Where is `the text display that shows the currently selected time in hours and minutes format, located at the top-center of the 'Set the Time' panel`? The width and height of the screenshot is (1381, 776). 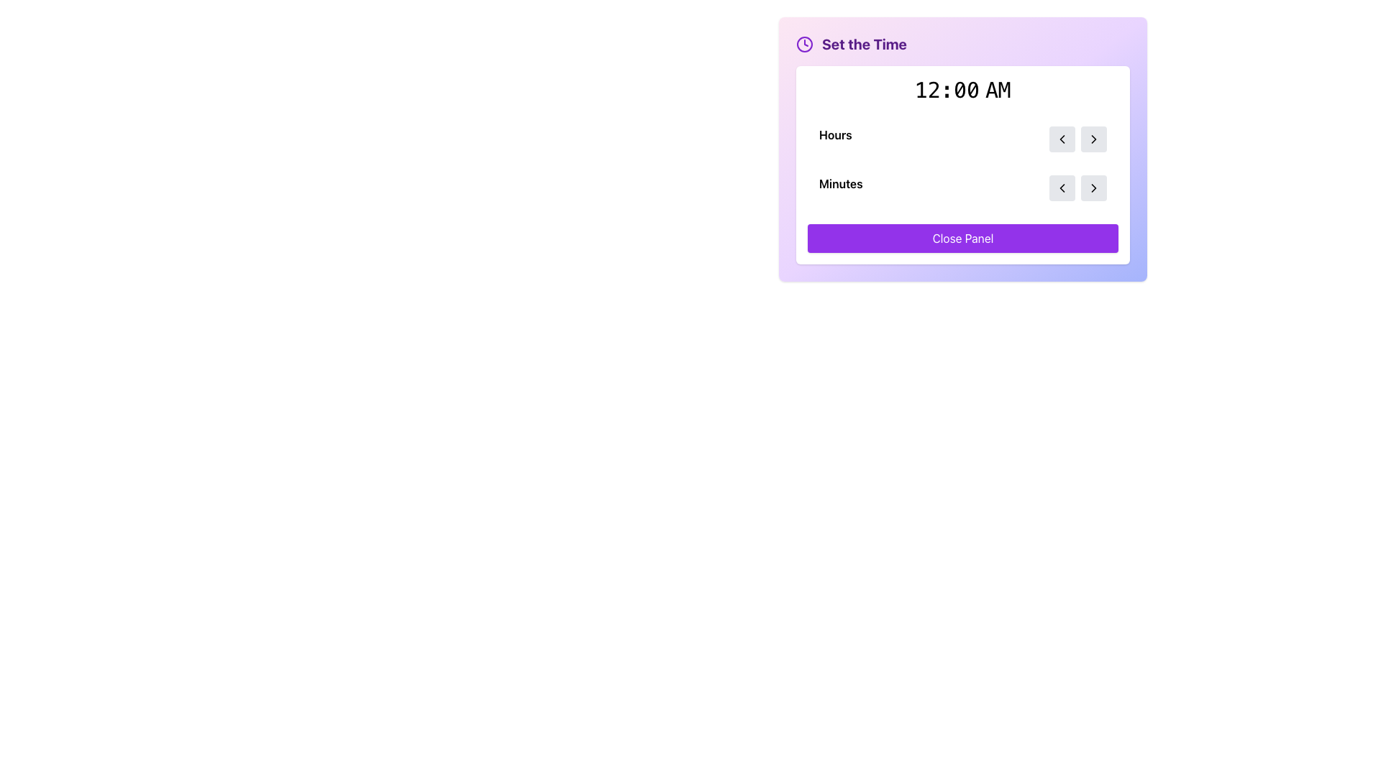 the text display that shows the currently selected time in hours and minutes format, located at the top-center of the 'Set the Time' panel is located at coordinates (963, 91).